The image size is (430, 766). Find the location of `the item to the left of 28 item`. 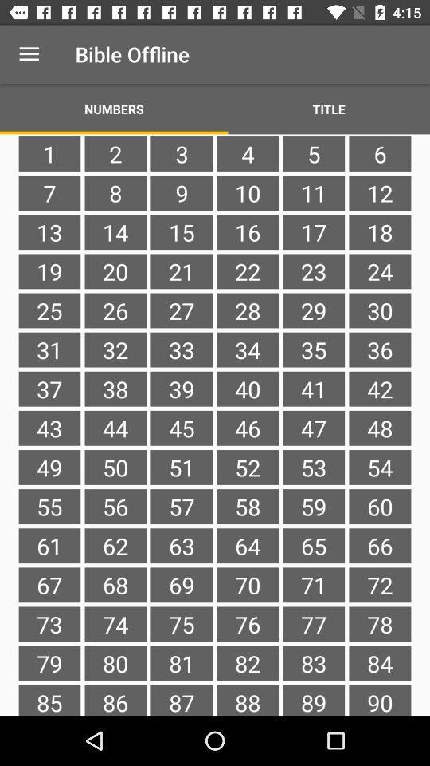

the item to the left of 28 item is located at coordinates (181, 349).